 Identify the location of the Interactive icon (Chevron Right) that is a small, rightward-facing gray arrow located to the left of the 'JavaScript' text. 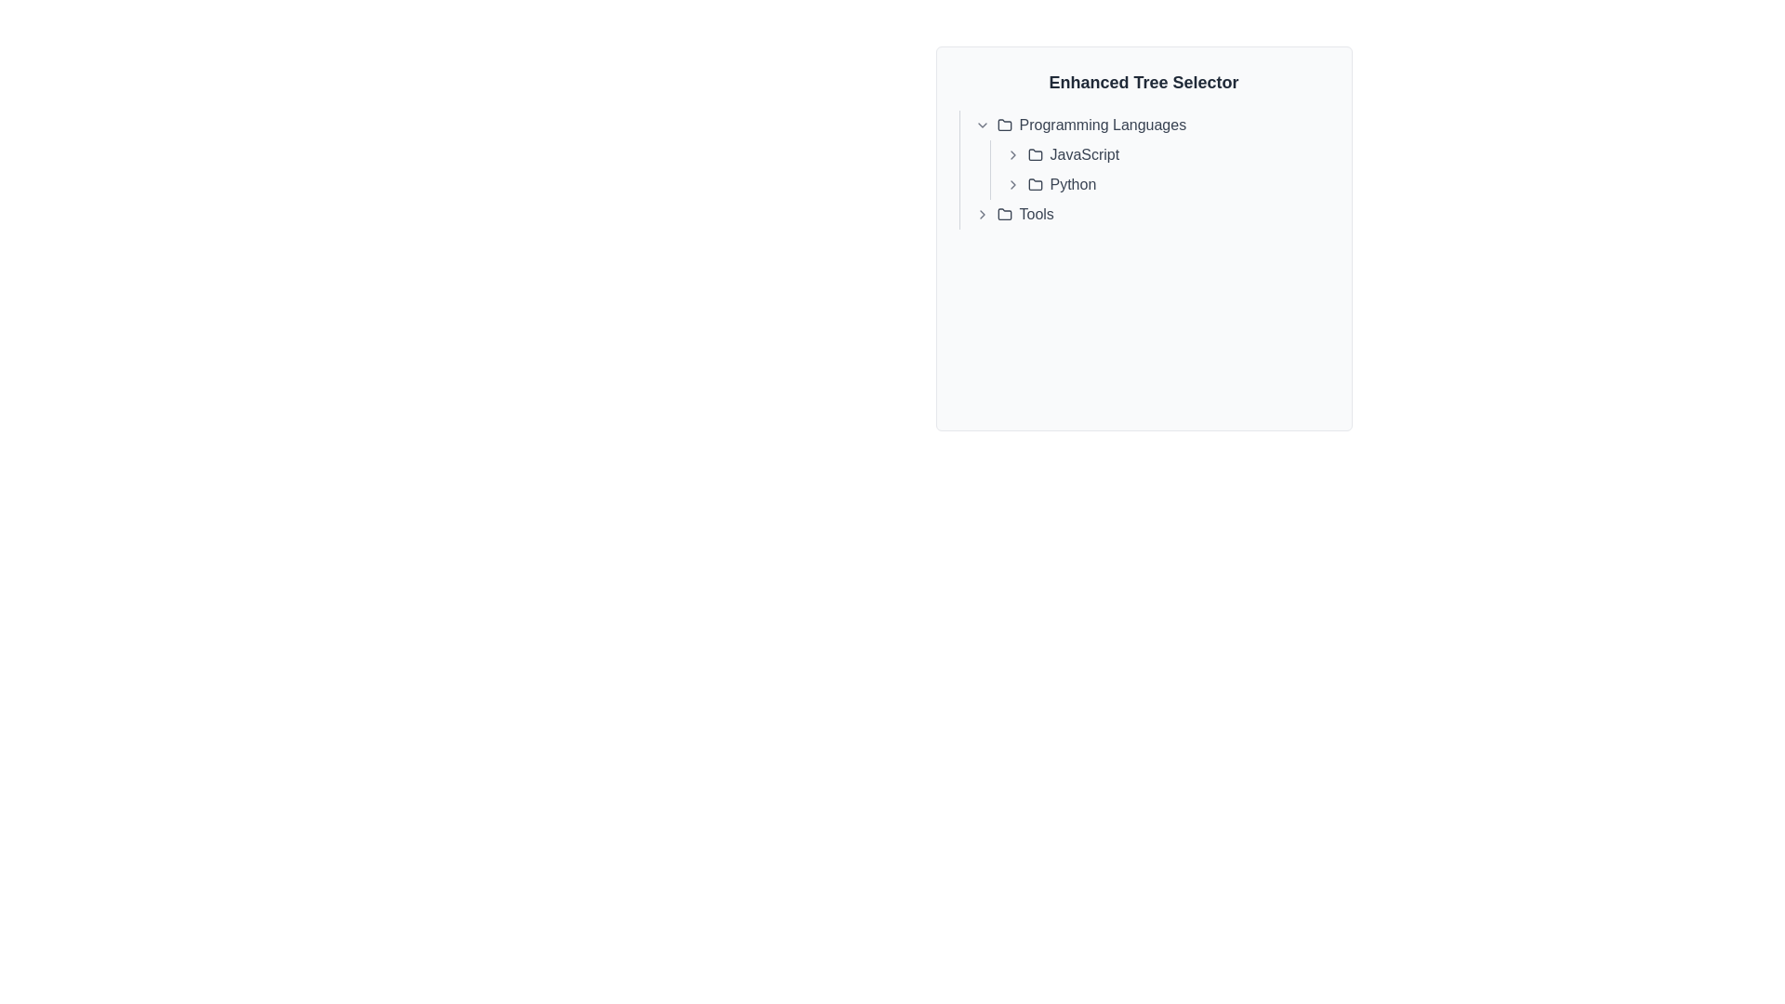
(1011, 153).